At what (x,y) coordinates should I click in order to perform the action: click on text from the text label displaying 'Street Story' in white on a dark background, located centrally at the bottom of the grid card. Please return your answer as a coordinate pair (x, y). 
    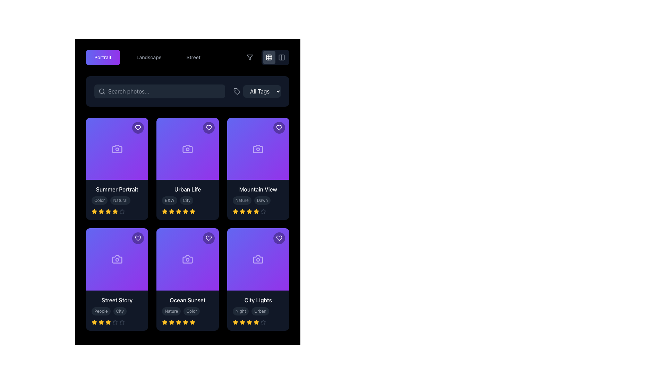
    Looking at the image, I should click on (117, 300).